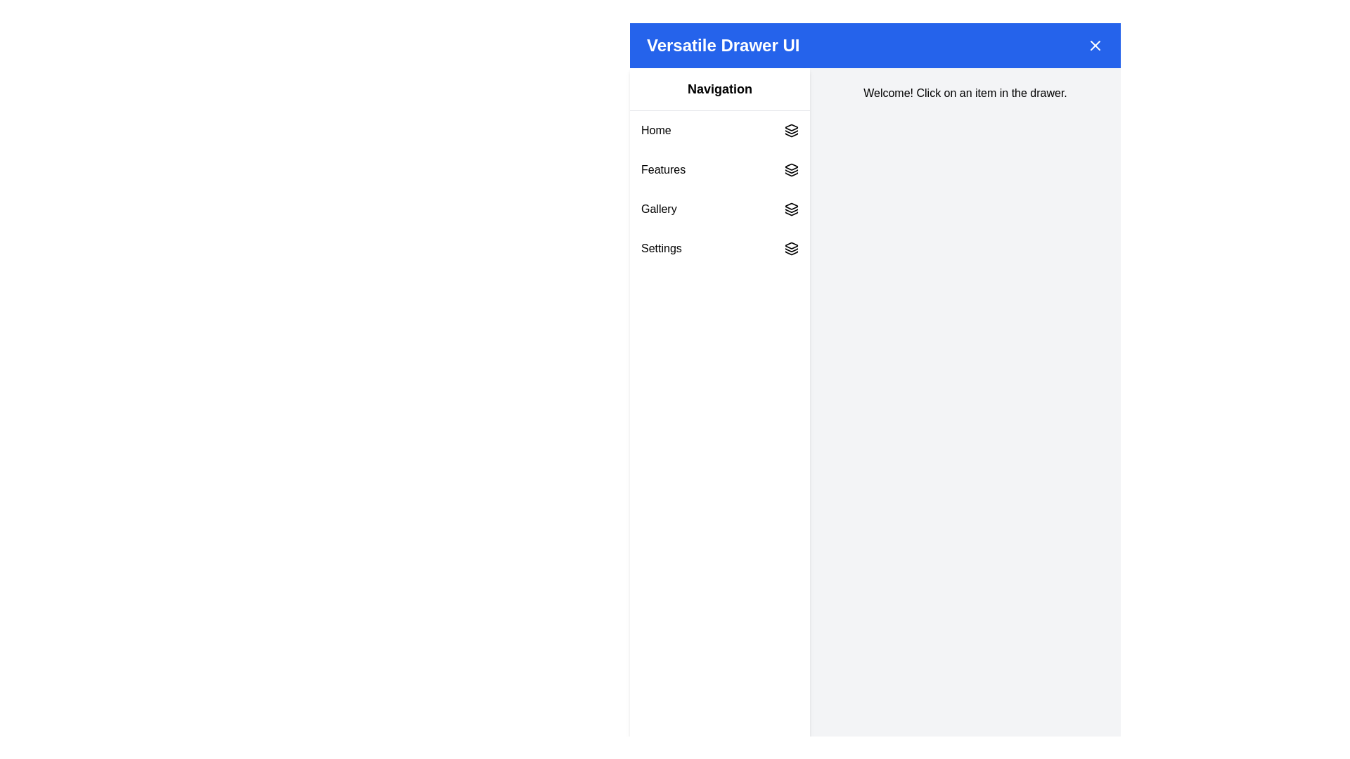 The height and width of the screenshot is (759, 1350). Describe the element at coordinates (719, 209) in the screenshot. I see `the third button in the vertical navigation menu` at that location.